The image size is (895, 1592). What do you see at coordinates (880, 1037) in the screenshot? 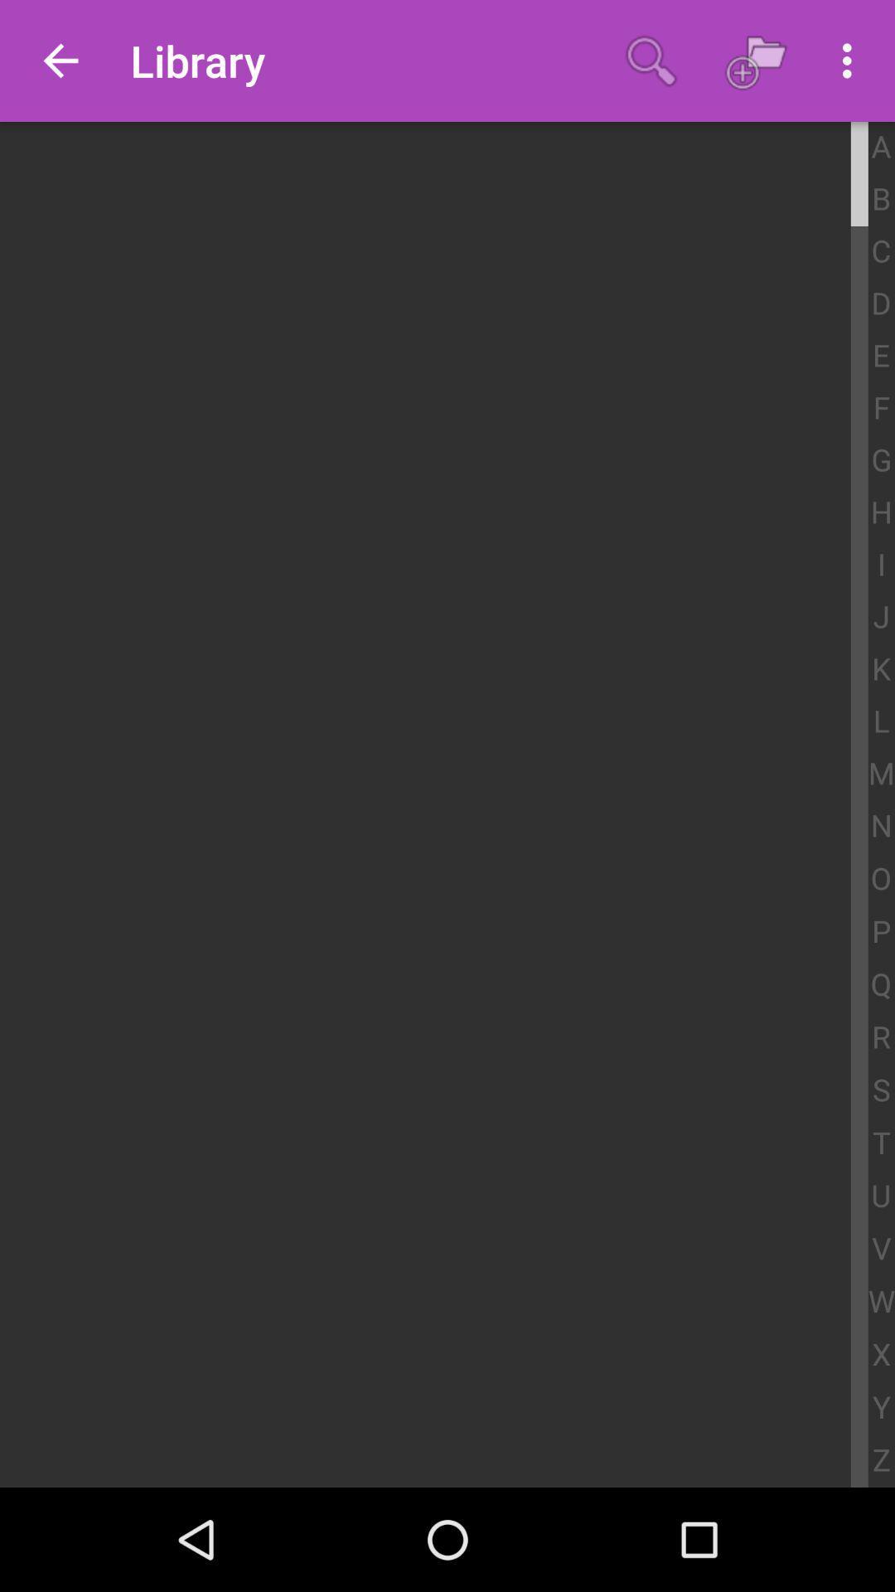
I see `r icon` at bounding box center [880, 1037].